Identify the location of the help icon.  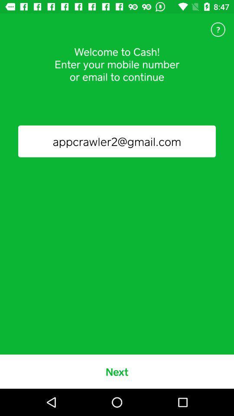
(218, 29).